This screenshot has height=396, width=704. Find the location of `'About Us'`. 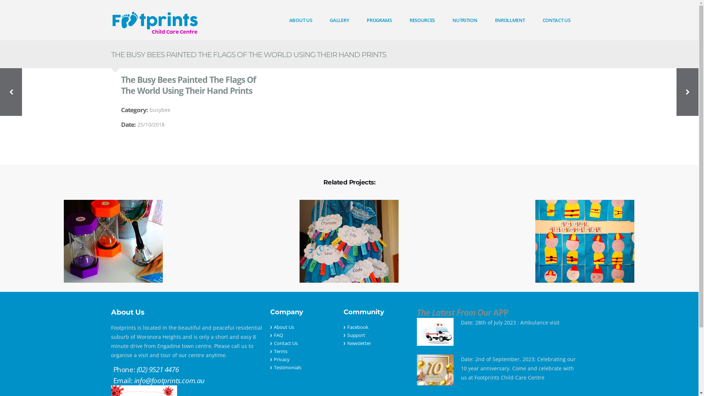

'About Us' is located at coordinates (273, 326).